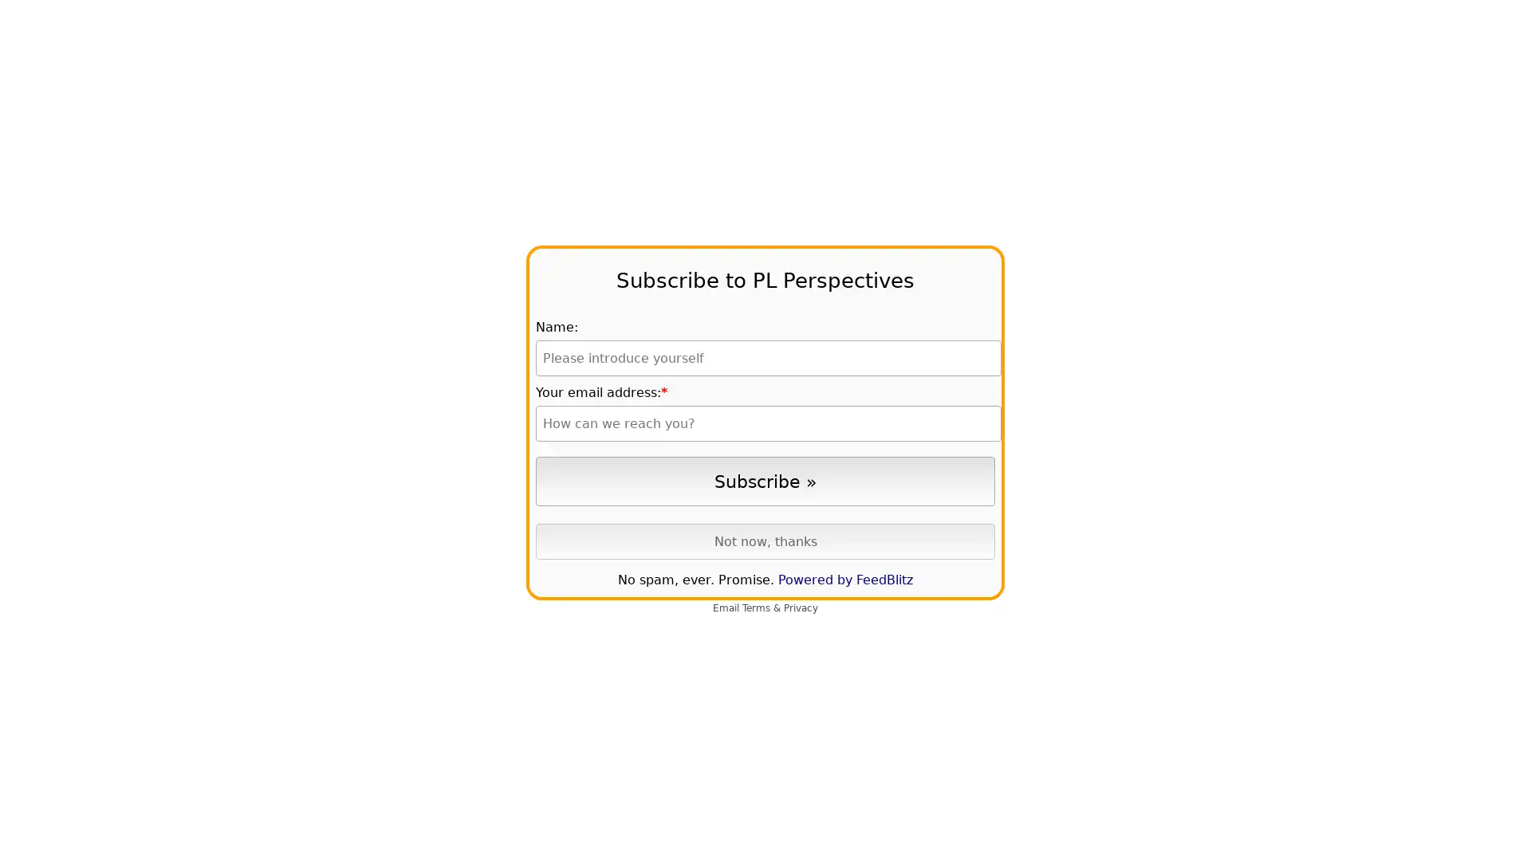  What do you see at coordinates (765, 480) in the screenshot?
I see `Subscribe` at bounding box center [765, 480].